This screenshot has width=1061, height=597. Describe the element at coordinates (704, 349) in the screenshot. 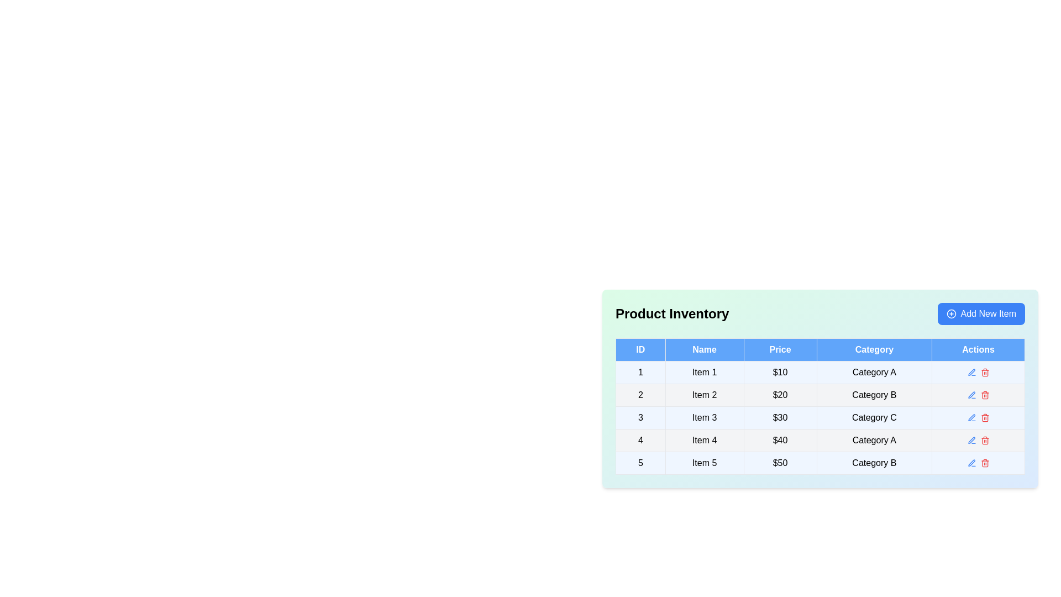

I see `the header label for the 'Name' column in the data table, which is positioned between the 'ID' and 'Price' columns` at that location.